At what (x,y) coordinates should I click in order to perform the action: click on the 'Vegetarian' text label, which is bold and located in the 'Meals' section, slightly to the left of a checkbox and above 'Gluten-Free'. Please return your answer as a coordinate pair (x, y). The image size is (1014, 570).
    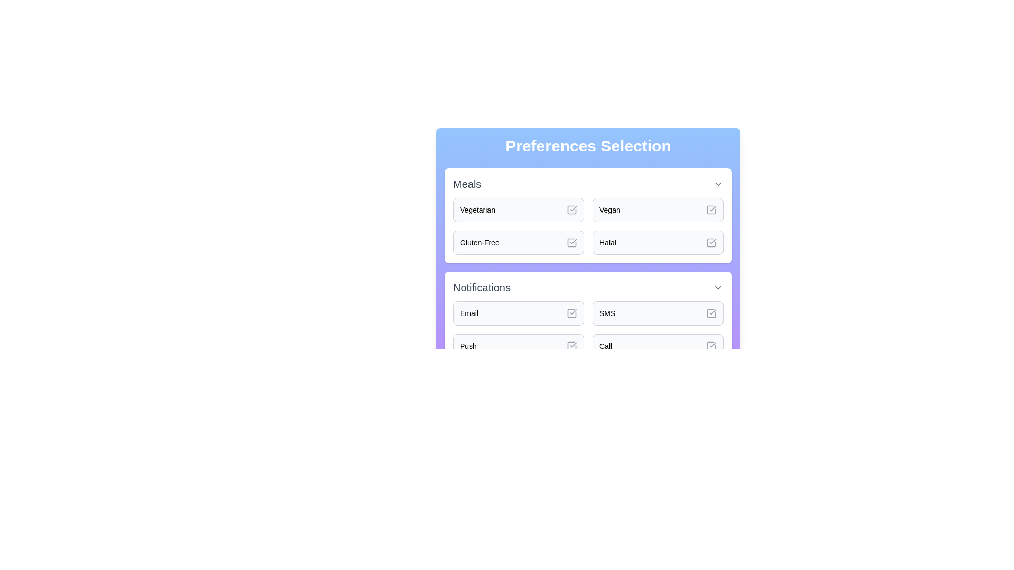
    Looking at the image, I should click on (477, 210).